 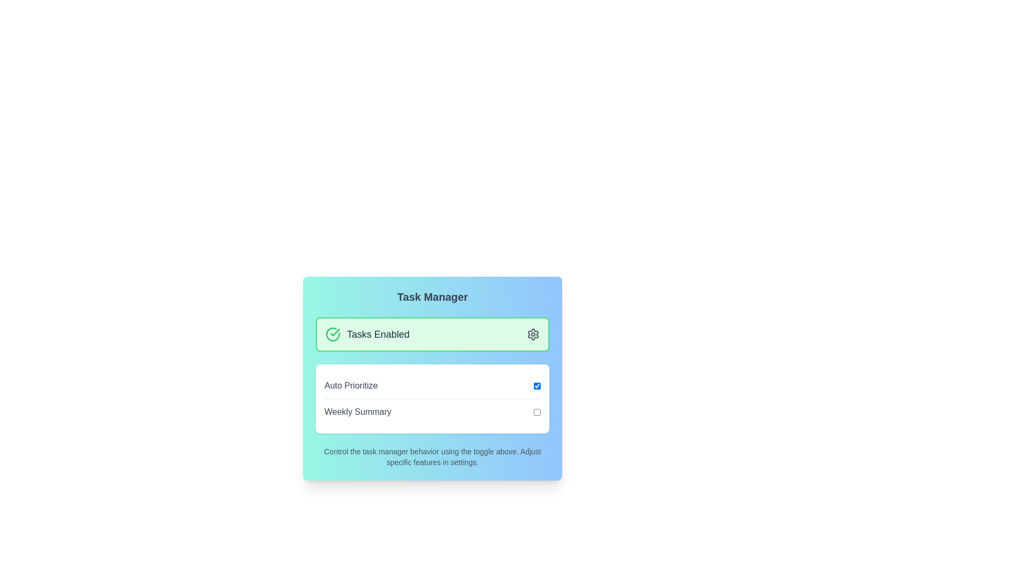 What do you see at coordinates (533, 333) in the screenshot?
I see `the settings gear icon located on the right side of the green panel labeled 'Tasks Enabled'` at bounding box center [533, 333].